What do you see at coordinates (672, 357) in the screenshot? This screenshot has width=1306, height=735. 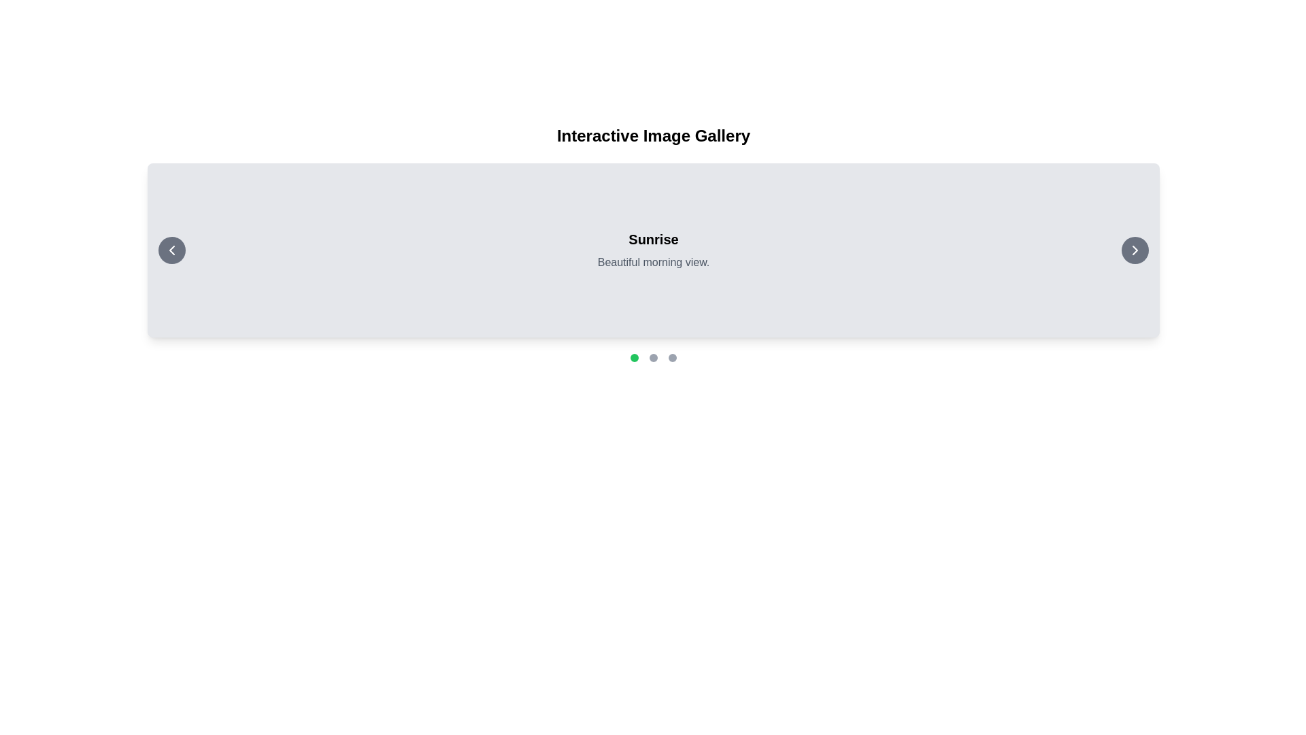 I see `the rightmost circular button with a gray background, located below the main content section among three similar buttons` at bounding box center [672, 357].